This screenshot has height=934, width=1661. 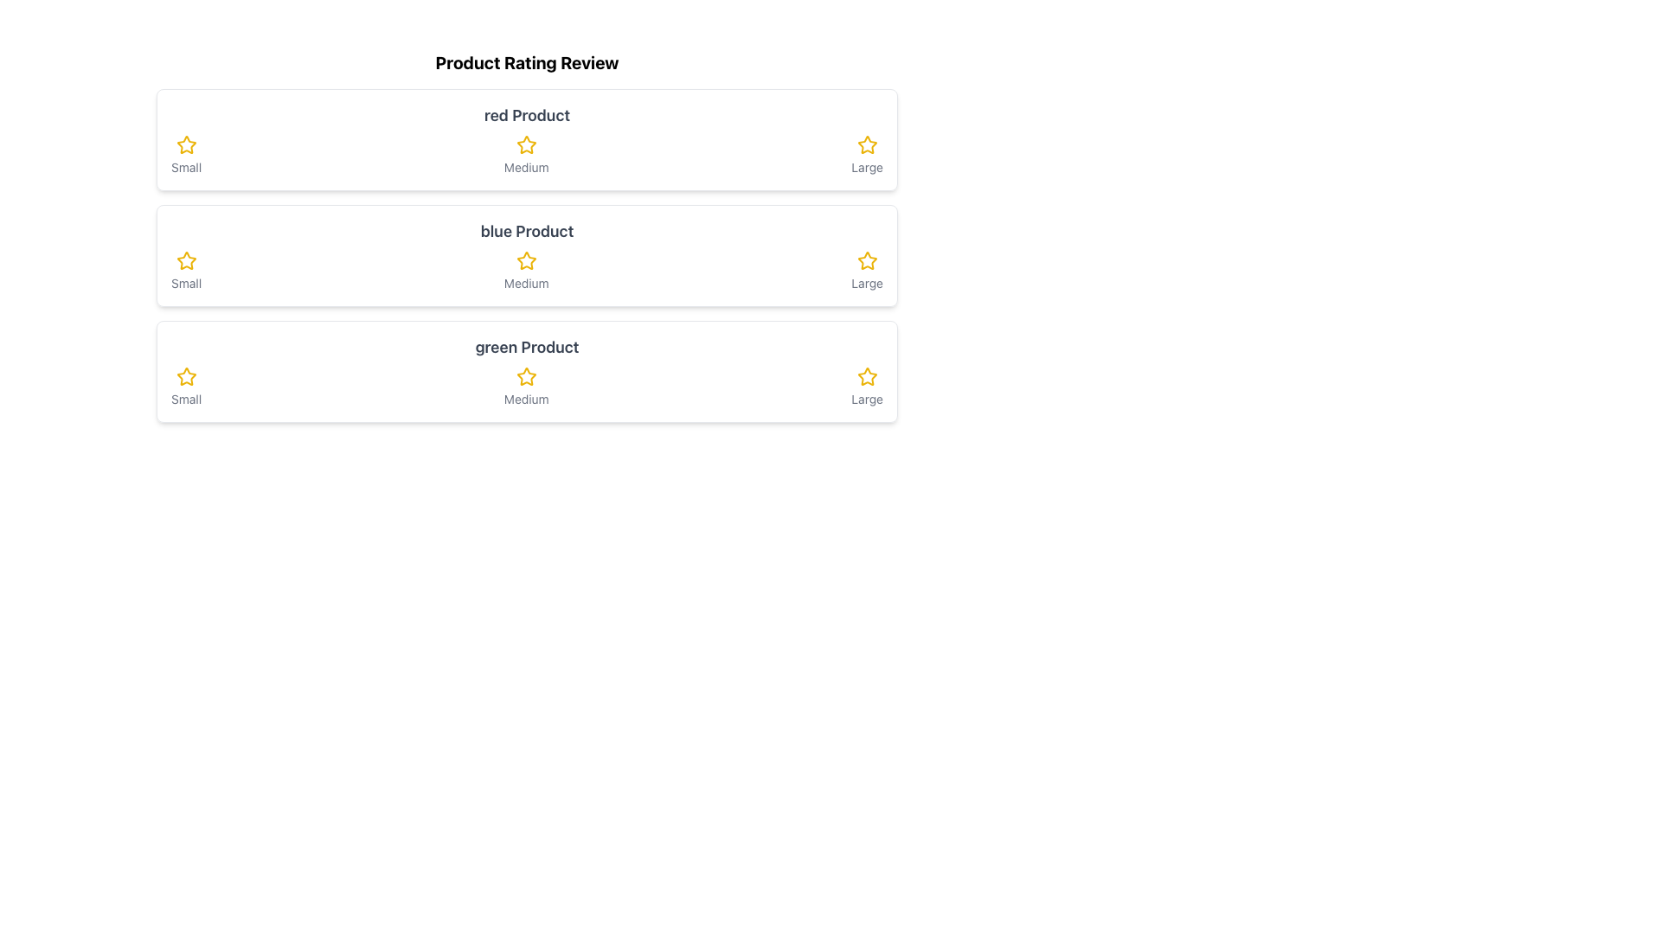 I want to click on the medium star-shaped icon for rating in the 'red Product' row, which is outlined in yellow and positioned between the 'Small' and 'Large' stars, so click(x=525, y=144).